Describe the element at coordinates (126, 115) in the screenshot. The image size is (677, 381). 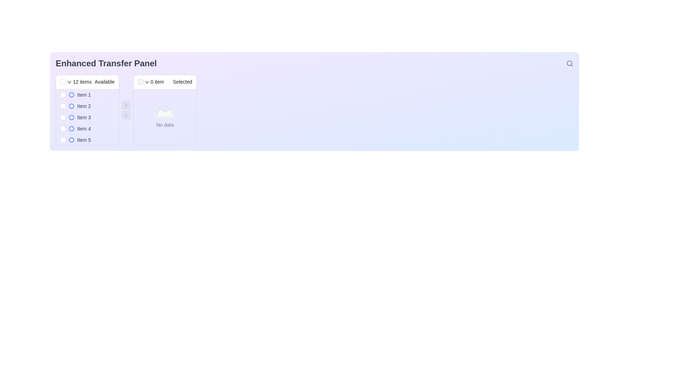
I see `the lower button in the group of two arrow buttons` at that location.